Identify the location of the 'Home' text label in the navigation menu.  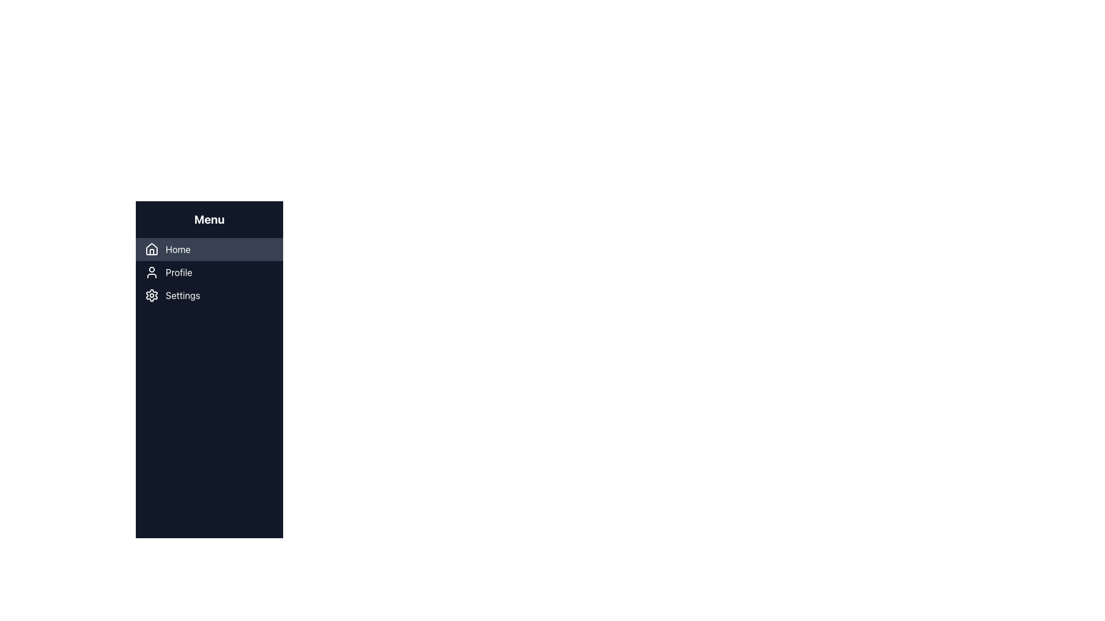
(177, 249).